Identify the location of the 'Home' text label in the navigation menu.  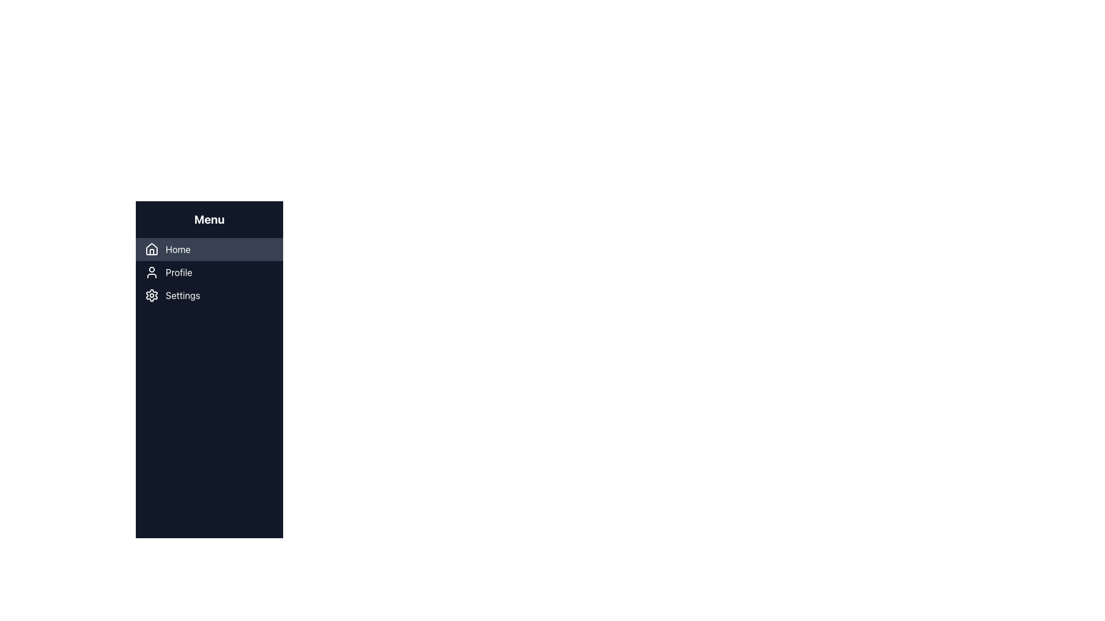
(177, 249).